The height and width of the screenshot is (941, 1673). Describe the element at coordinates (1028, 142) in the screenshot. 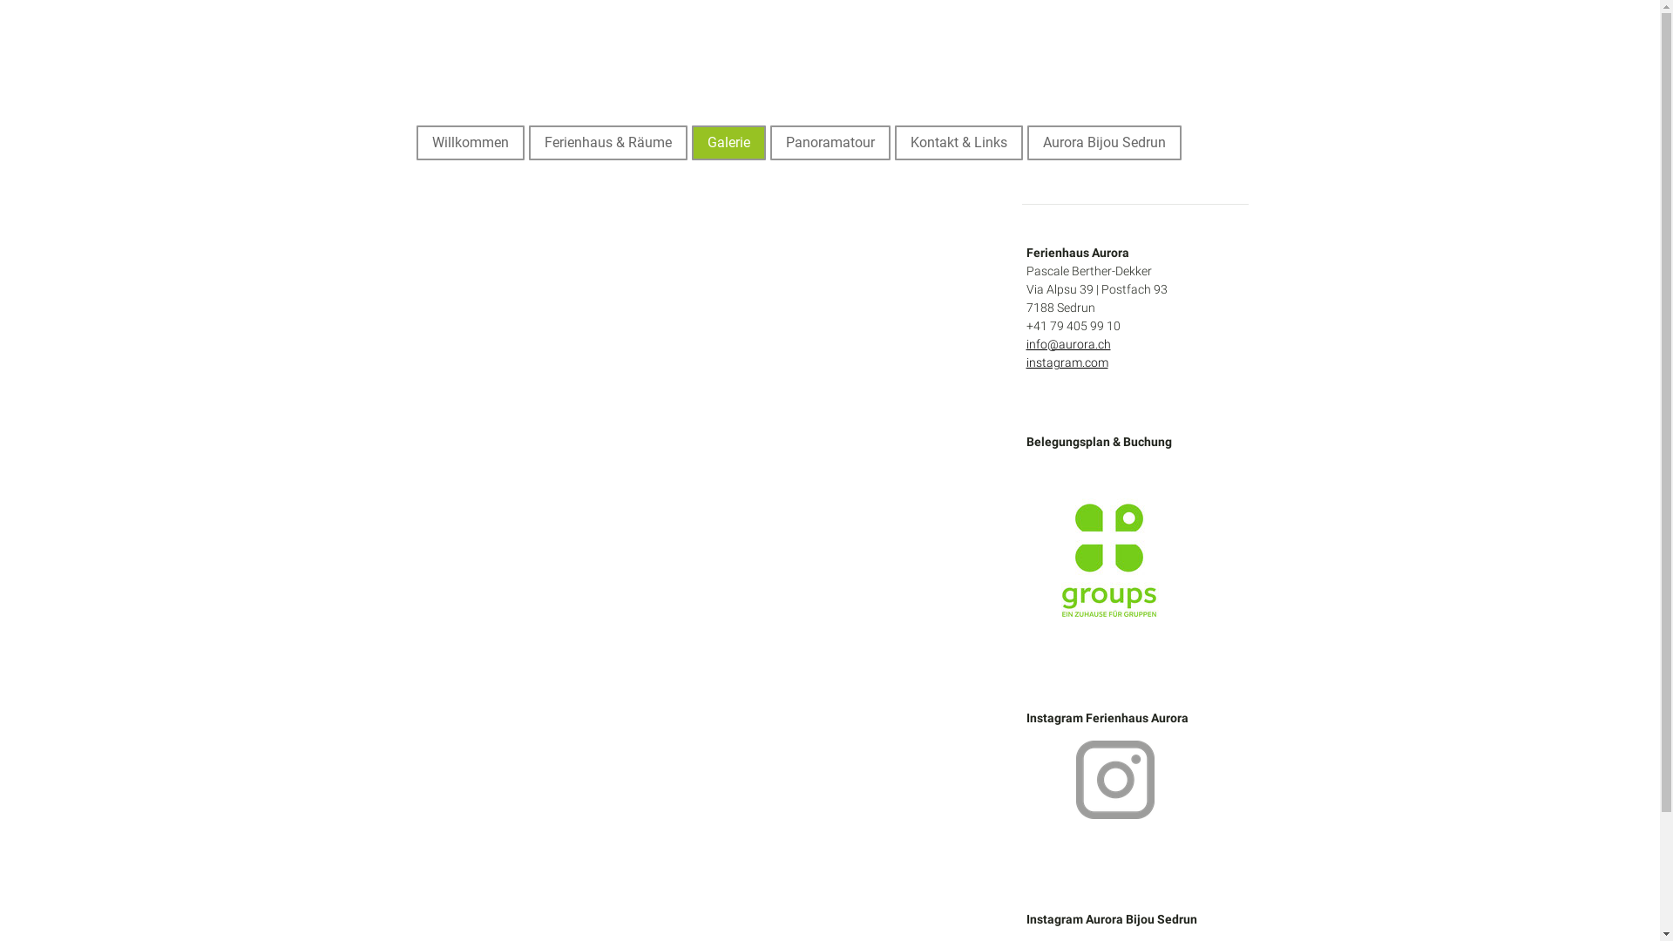

I see `'Aurora Bijou Sedrun'` at that location.